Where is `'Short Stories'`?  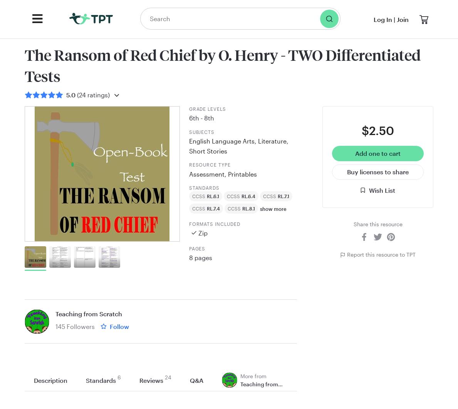
'Short Stories' is located at coordinates (208, 150).